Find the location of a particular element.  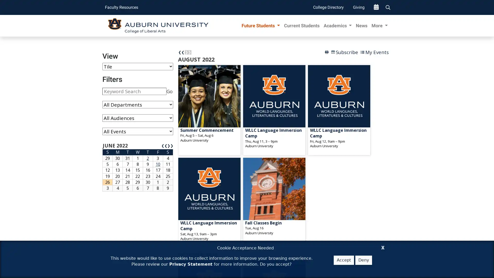

Deny is located at coordinates (363, 260).